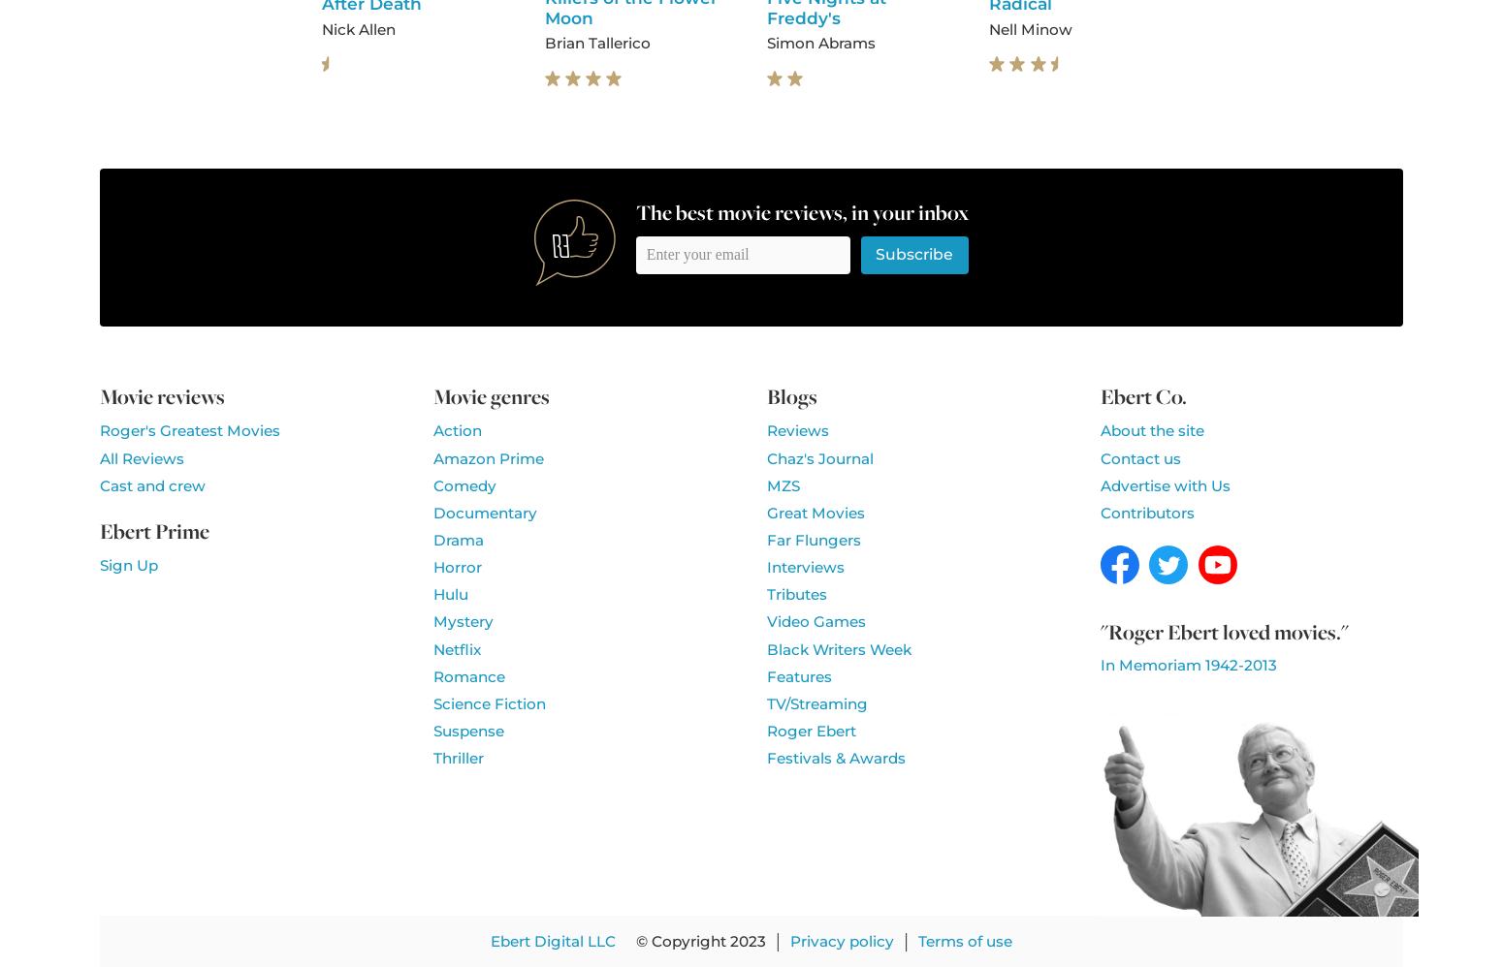  What do you see at coordinates (161, 395) in the screenshot?
I see `'Movie reviews'` at bounding box center [161, 395].